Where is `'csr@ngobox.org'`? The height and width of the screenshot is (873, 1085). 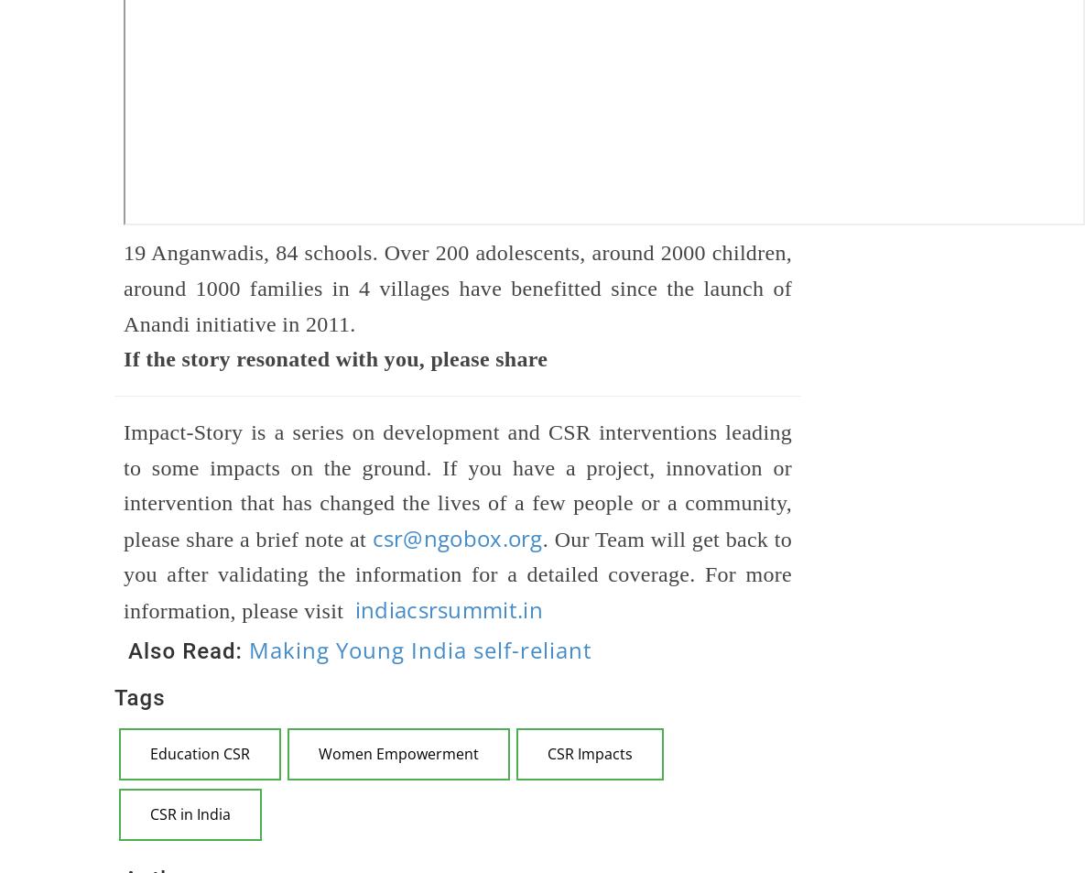
'csr@ngobox.org' is located at coordinates (457, 537).